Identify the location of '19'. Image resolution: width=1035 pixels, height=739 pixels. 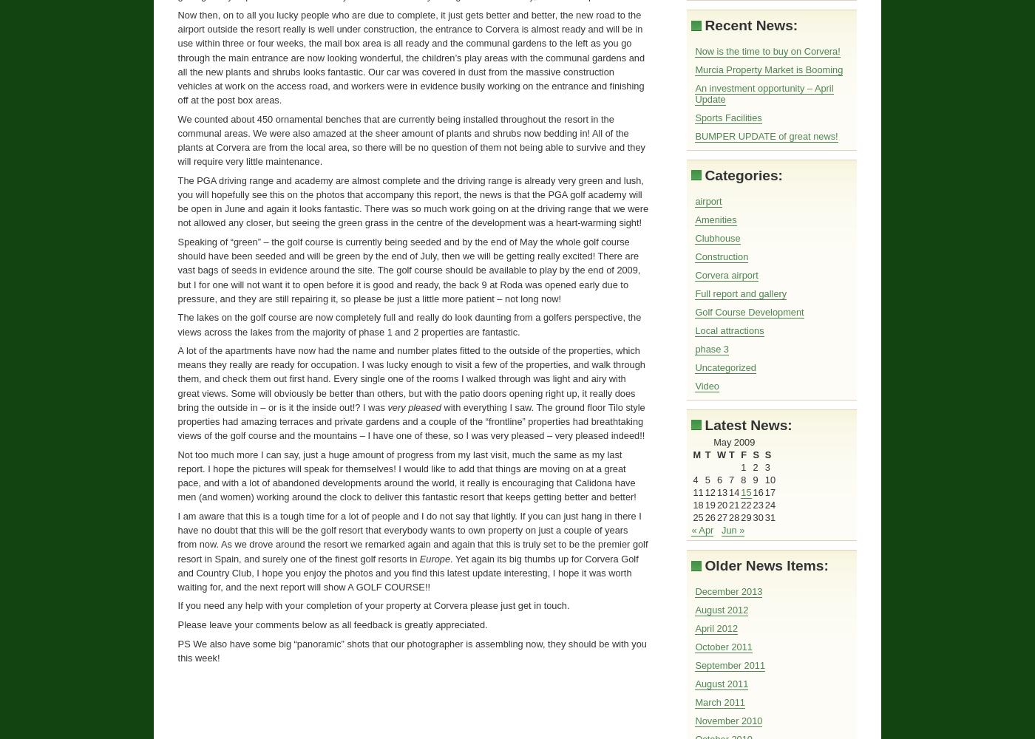
(709, 505).